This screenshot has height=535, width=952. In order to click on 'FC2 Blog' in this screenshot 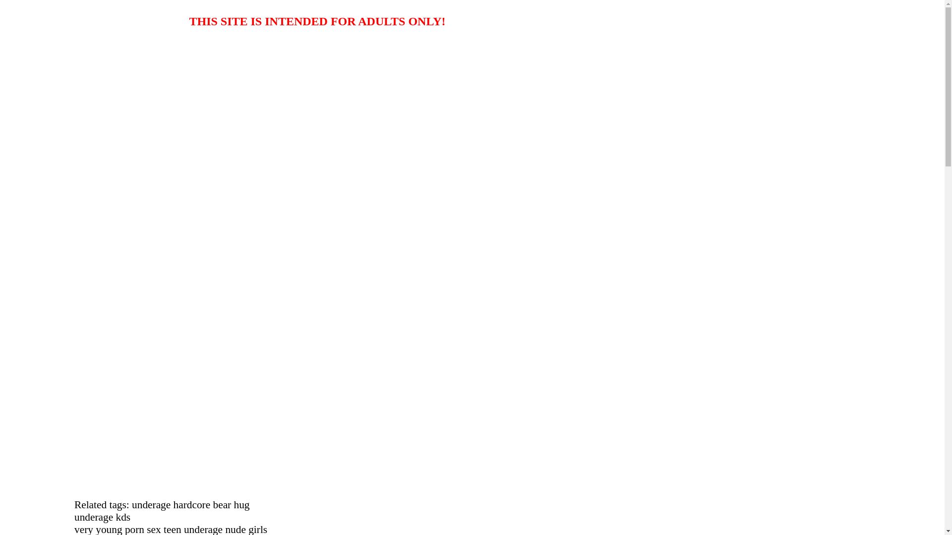, I will do `click(59, 513)`.